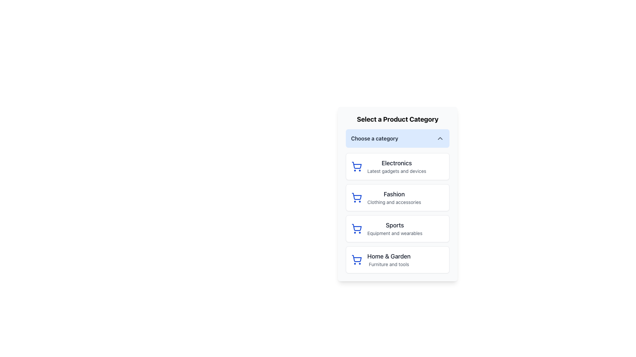 The width and height of the screenshot is (636, 357). What do you see at coordinates (356, 197) in the screenshot?
I see `the cart icon with a blue outline located next to the 'Fashion' category text in the product category selection interface` at bounding box center [356, 197].